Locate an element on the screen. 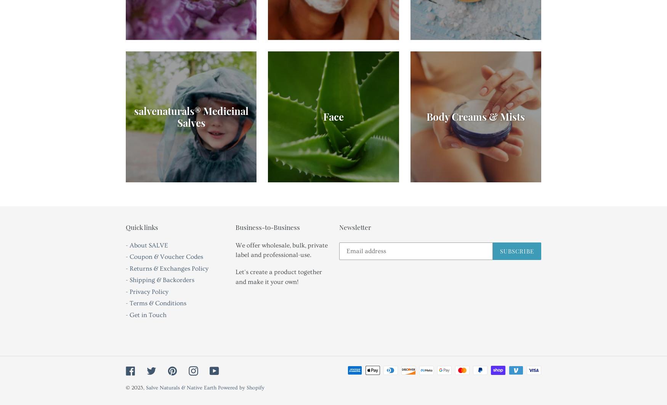 The image size is (667, 405). 'Newsletter' is located at coordinates (355, 227).